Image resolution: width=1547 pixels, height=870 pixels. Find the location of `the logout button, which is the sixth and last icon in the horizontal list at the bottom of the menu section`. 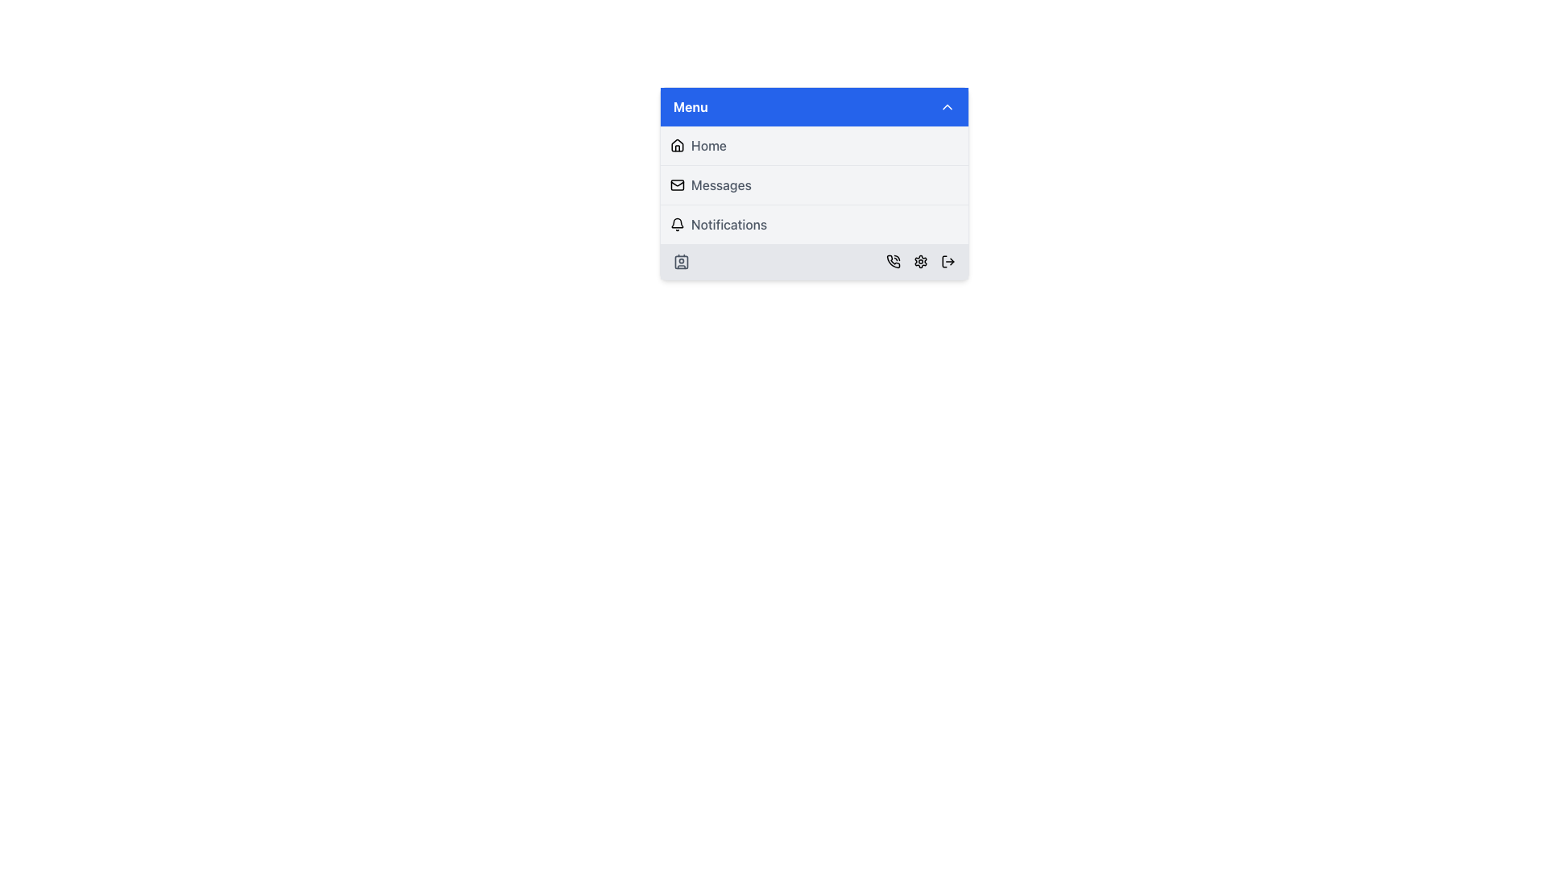

the logout button, which is the sixth and last icon in the horizontal list at the bottom of the menu section is located at coordinates (948, 260).